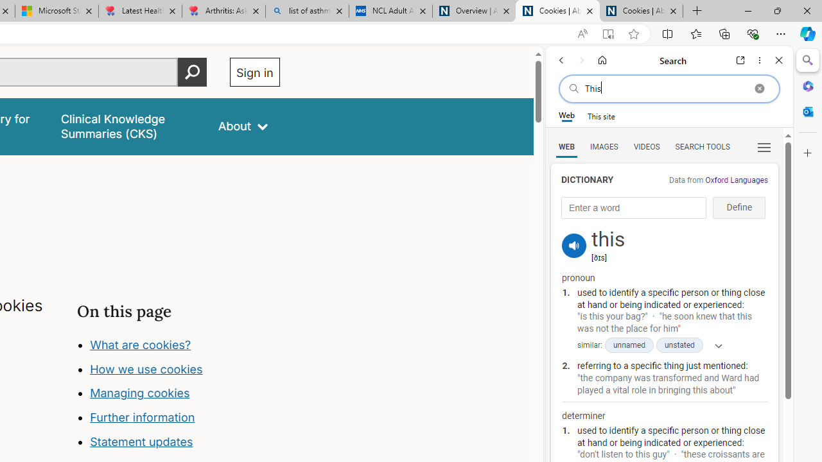  I want to click on 'unstated', so click(678, 345).